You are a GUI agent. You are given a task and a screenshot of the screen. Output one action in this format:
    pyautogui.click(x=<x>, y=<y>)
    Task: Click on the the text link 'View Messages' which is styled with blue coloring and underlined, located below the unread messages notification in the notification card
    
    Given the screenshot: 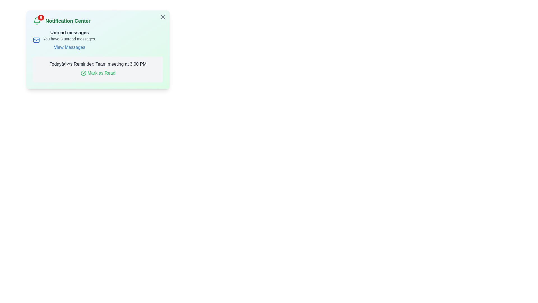 What is the action you would take?
    pyautogui.click(x=69, y=47)
    